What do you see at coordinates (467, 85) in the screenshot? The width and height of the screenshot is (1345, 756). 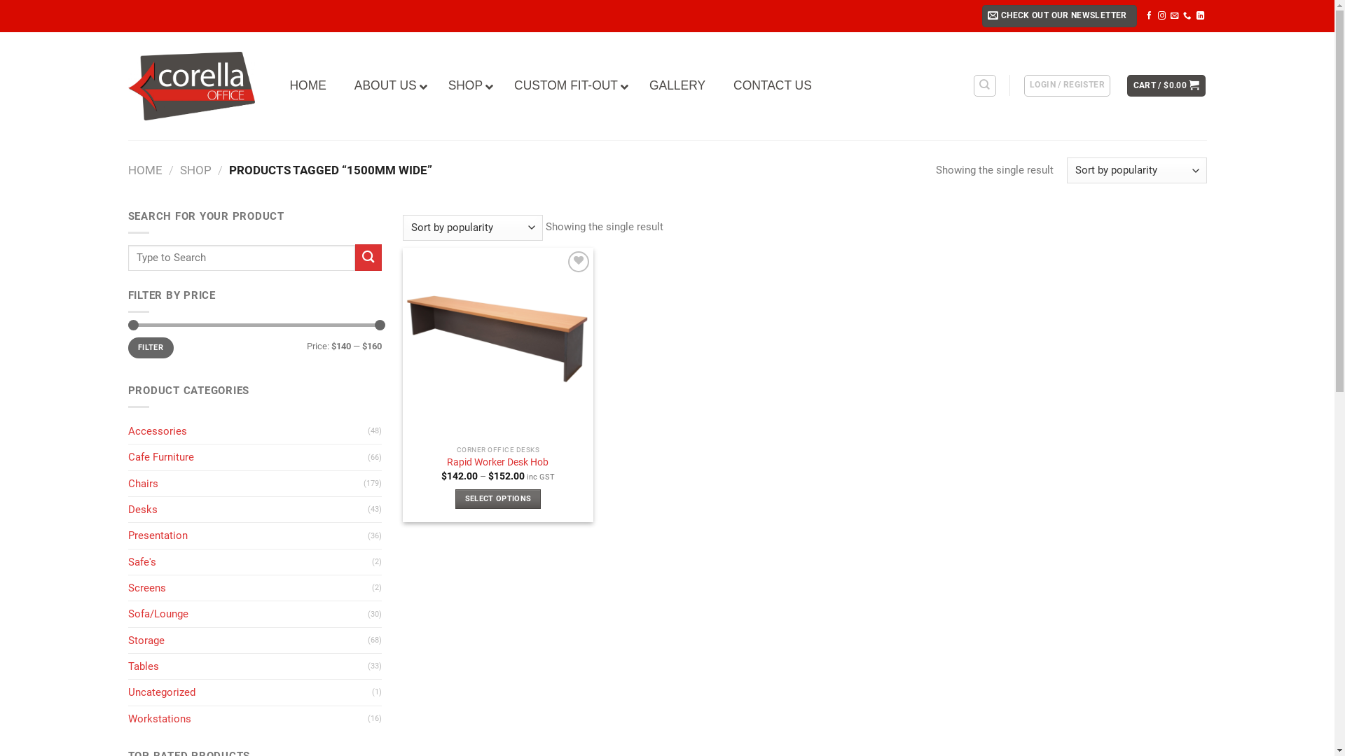 I see `'SHOP'` at bounding box center [467, 85].